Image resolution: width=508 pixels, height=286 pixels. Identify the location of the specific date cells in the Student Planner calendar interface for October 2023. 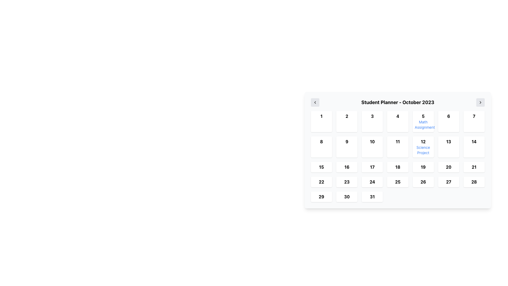
(398, 150).